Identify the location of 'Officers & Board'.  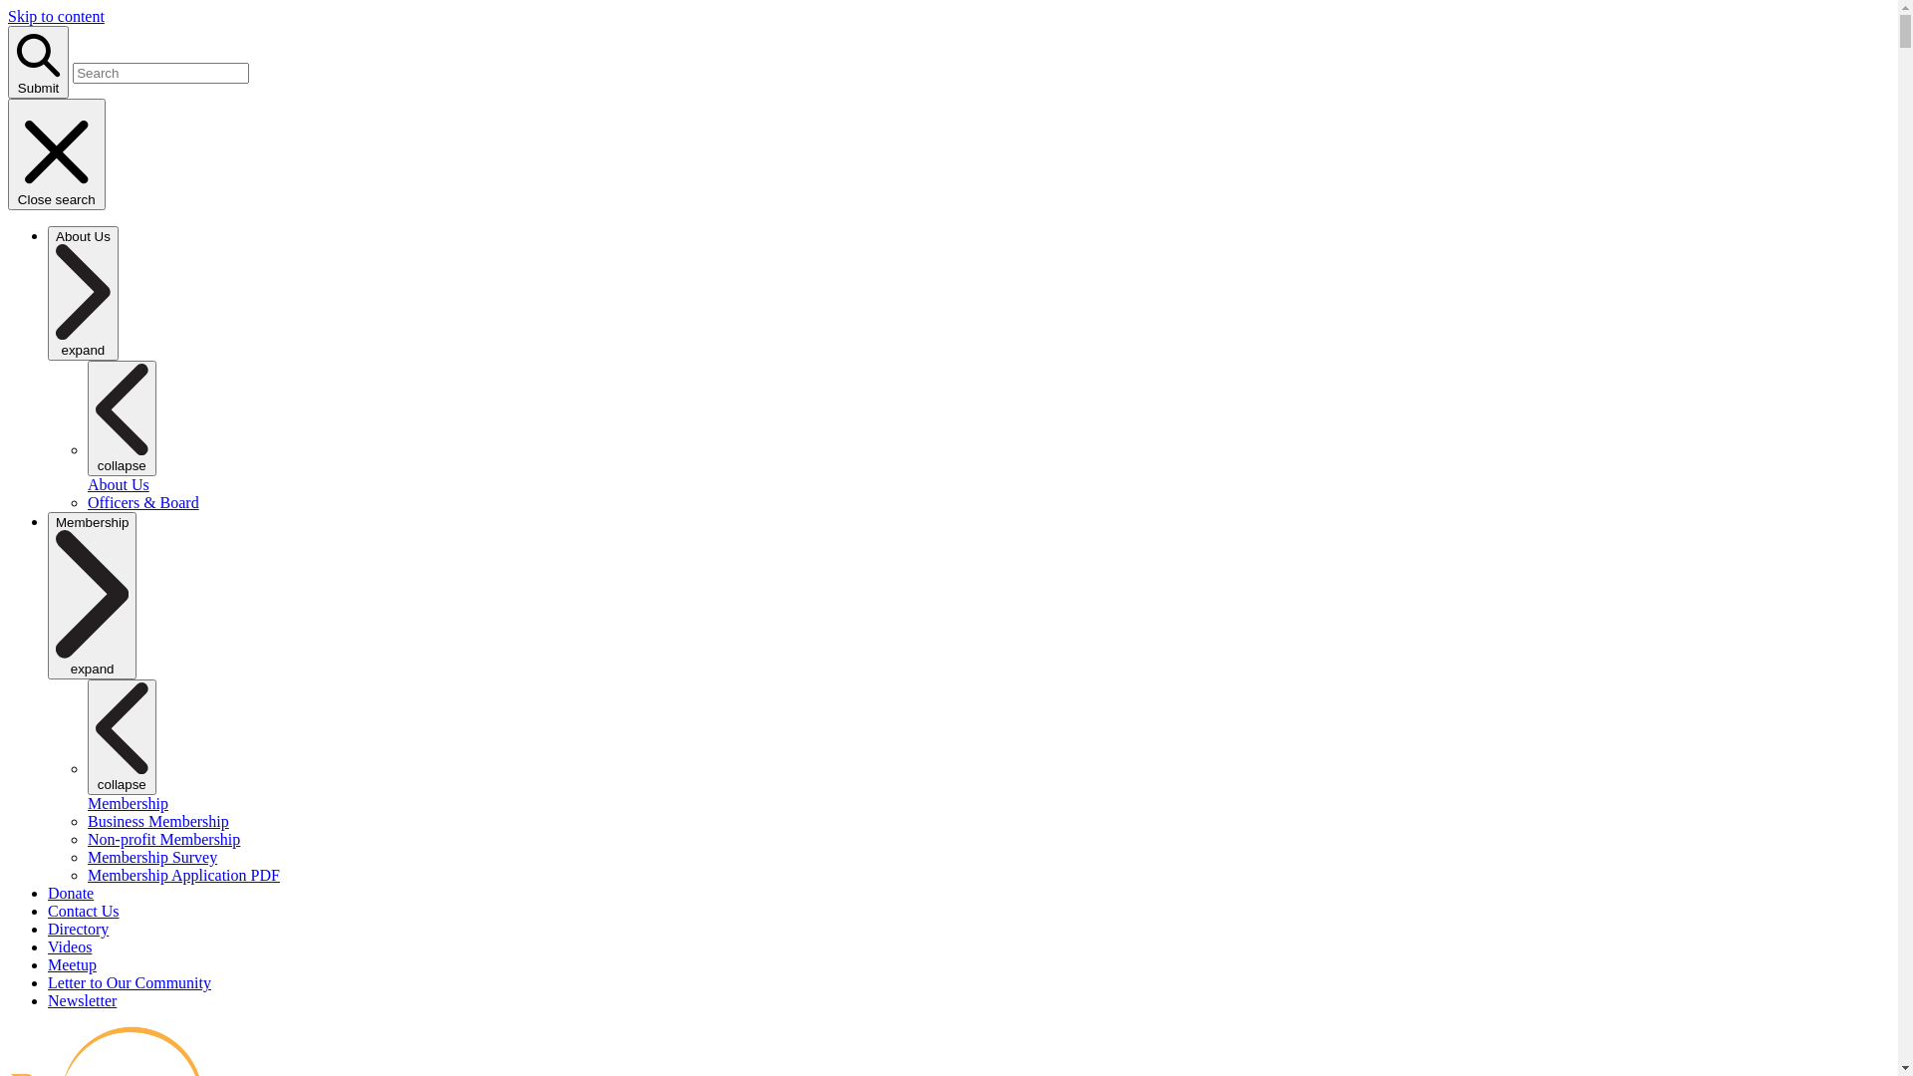
(142, 501).